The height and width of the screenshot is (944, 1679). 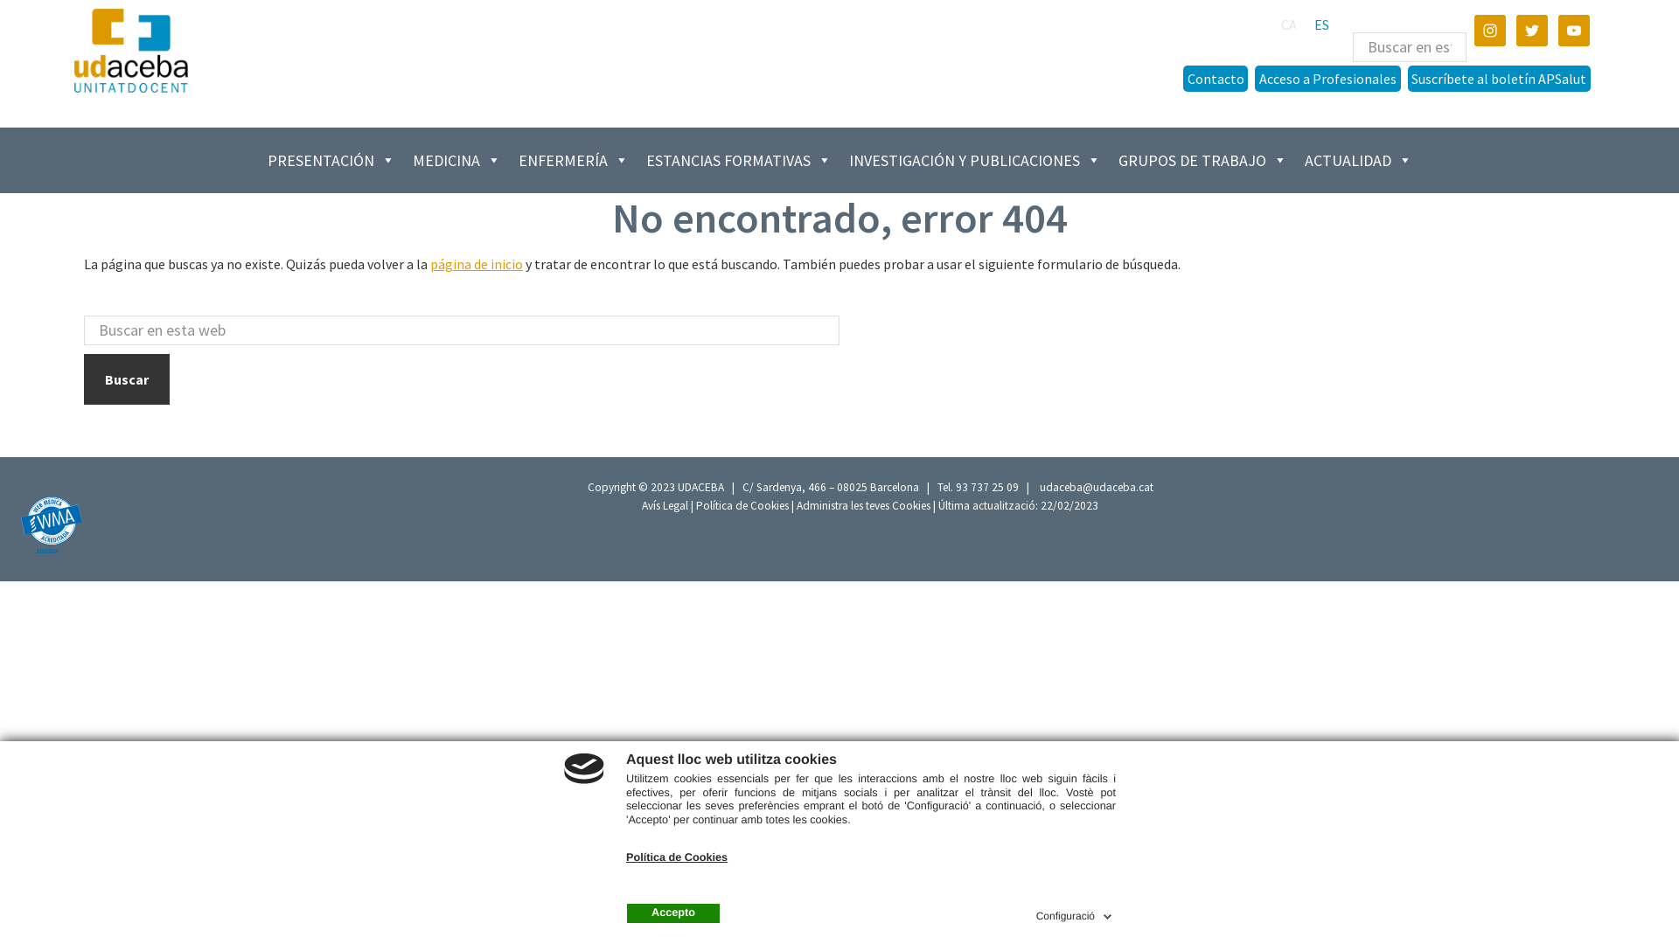 I want to click on 'ACTUALIDAD', so click(x=1357, y=160).